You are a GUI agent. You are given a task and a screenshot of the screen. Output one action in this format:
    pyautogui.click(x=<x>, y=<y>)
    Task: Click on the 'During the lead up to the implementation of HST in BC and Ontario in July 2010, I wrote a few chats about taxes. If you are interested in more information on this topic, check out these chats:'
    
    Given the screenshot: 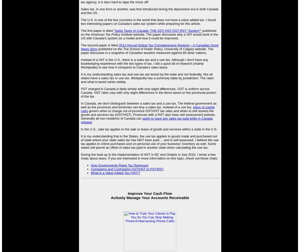 What is the action you would take?
    pyautogui.click(x=149, y=156)
    